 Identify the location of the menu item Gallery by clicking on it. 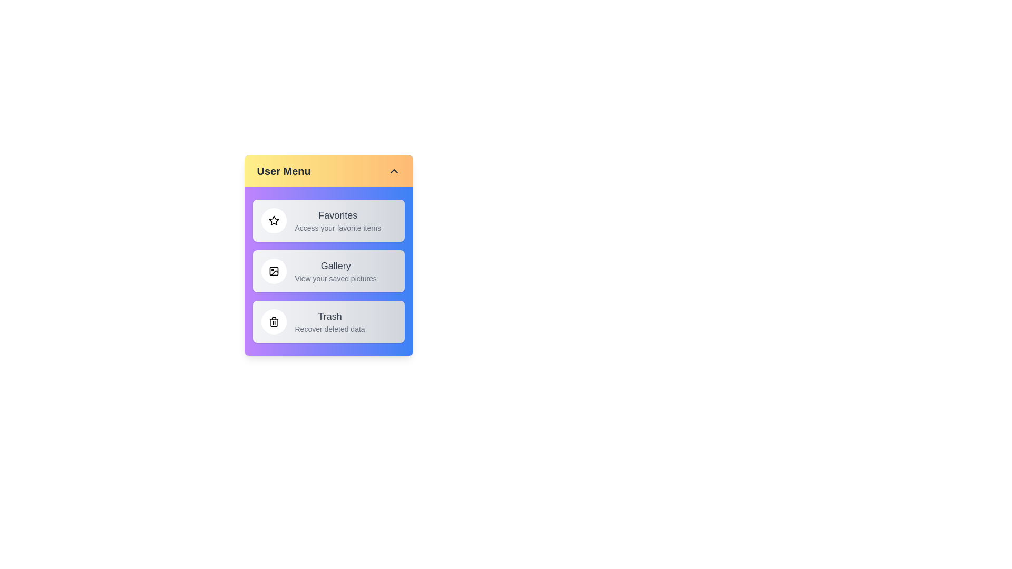
(328, 271).